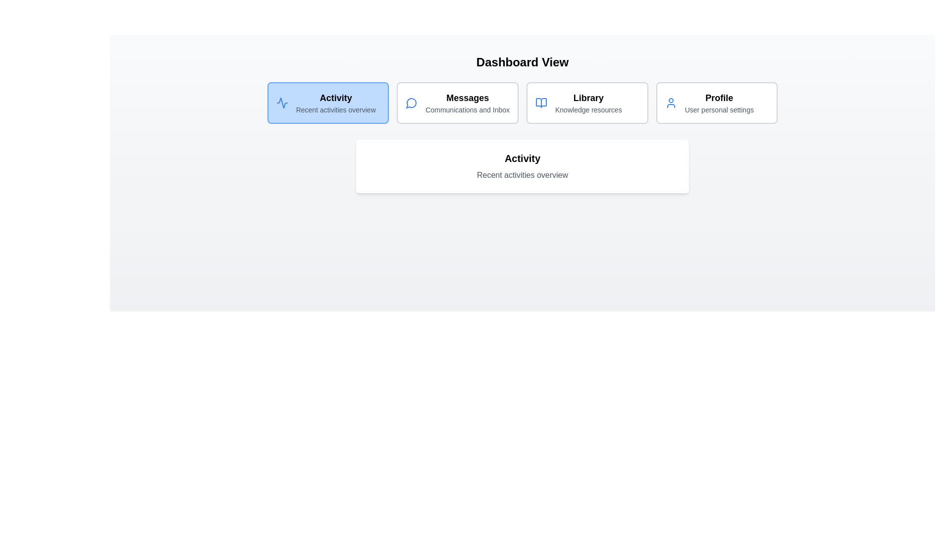 The height and width of the screenshot is (535, 951). I want to click on the icon representing the section Activity, so click(281, 103).